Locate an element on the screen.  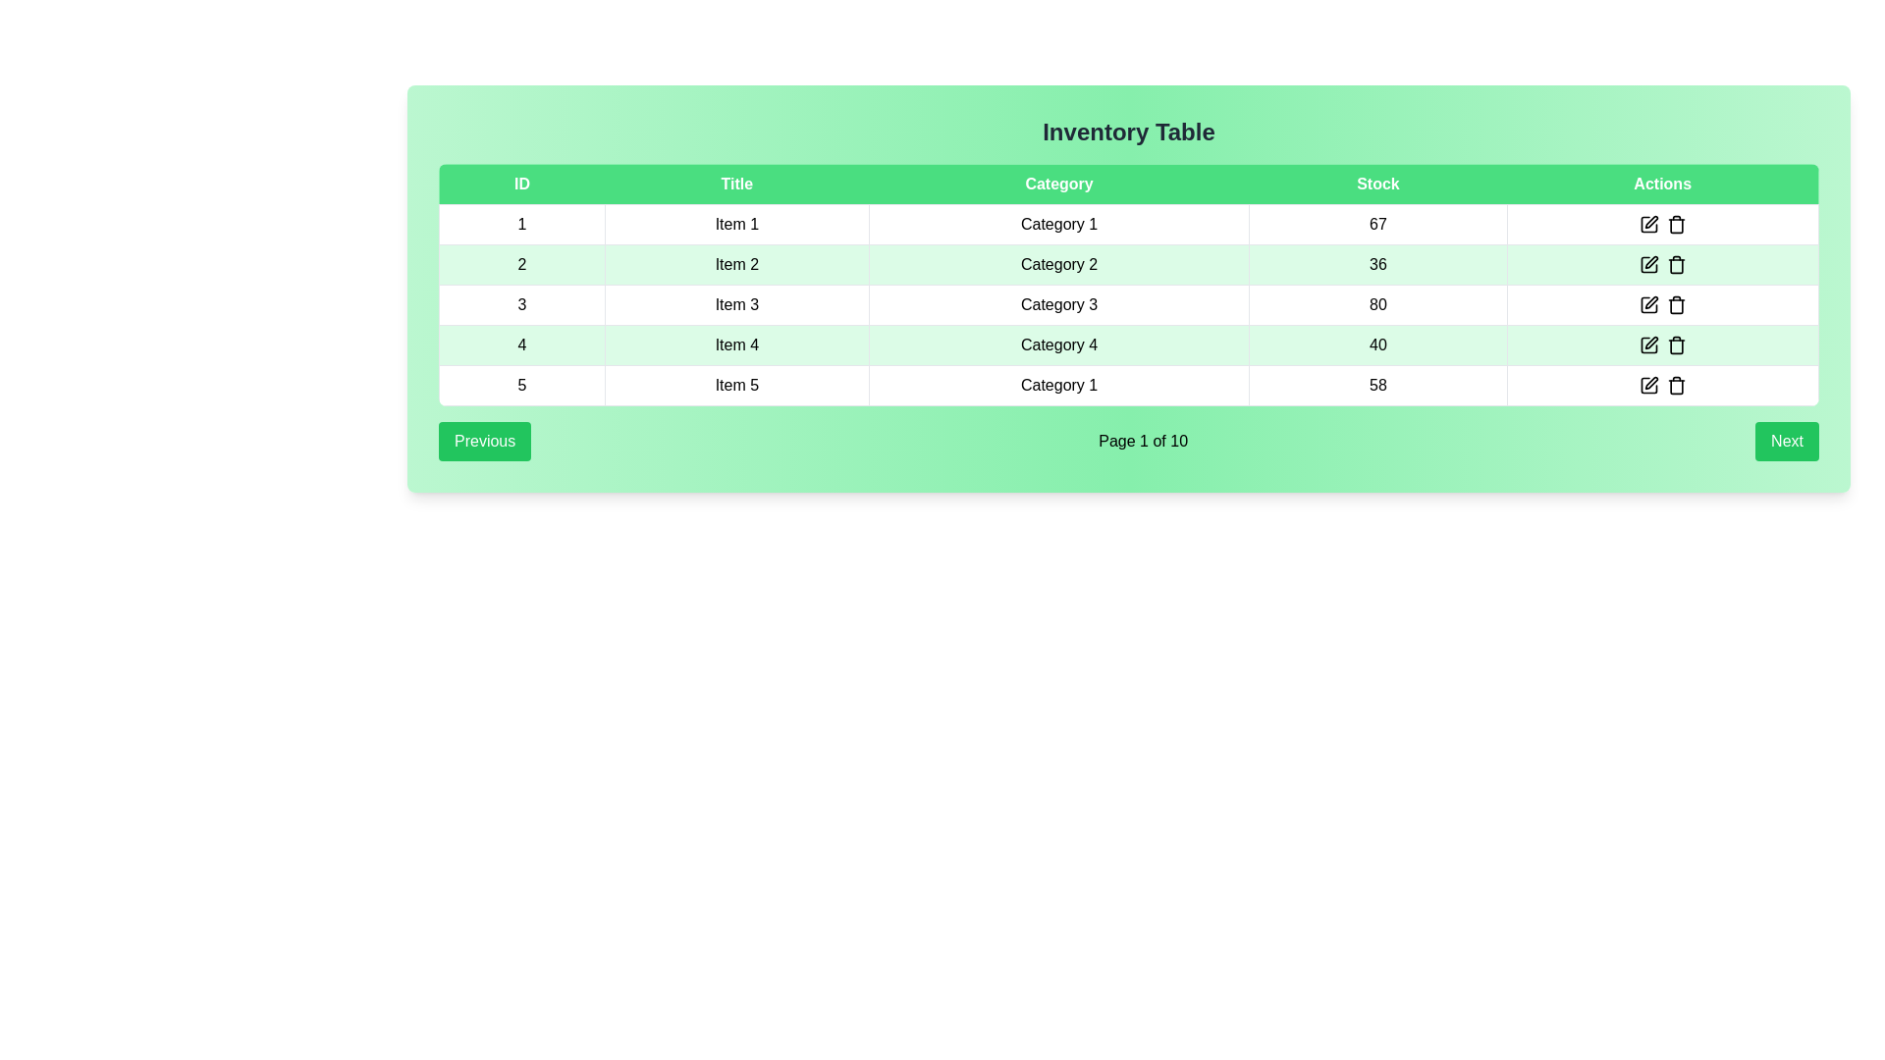
the delete button located in the last row of the table under the 'Actions' column, which is the second icon next to the pencil icon is located at coordinates (1675, 386).